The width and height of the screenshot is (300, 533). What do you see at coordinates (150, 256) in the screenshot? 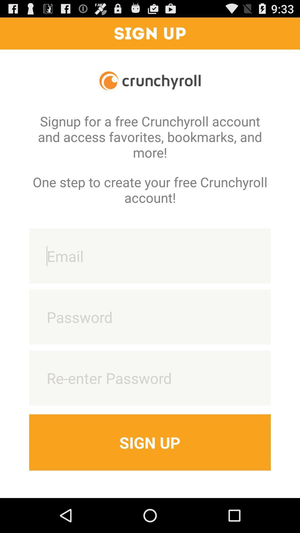
I see `email address text box` at bounding box center [150, 256].